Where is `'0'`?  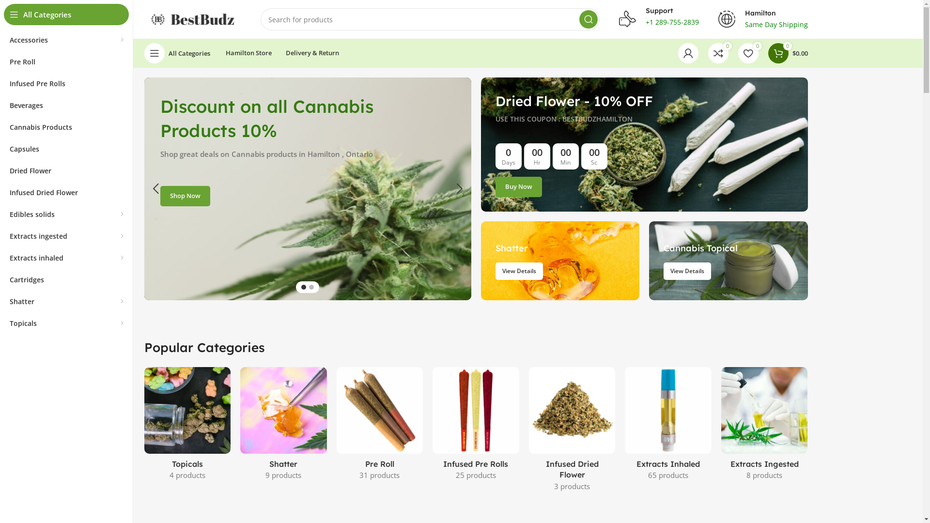 '0' is located at coordinates (718, 53).